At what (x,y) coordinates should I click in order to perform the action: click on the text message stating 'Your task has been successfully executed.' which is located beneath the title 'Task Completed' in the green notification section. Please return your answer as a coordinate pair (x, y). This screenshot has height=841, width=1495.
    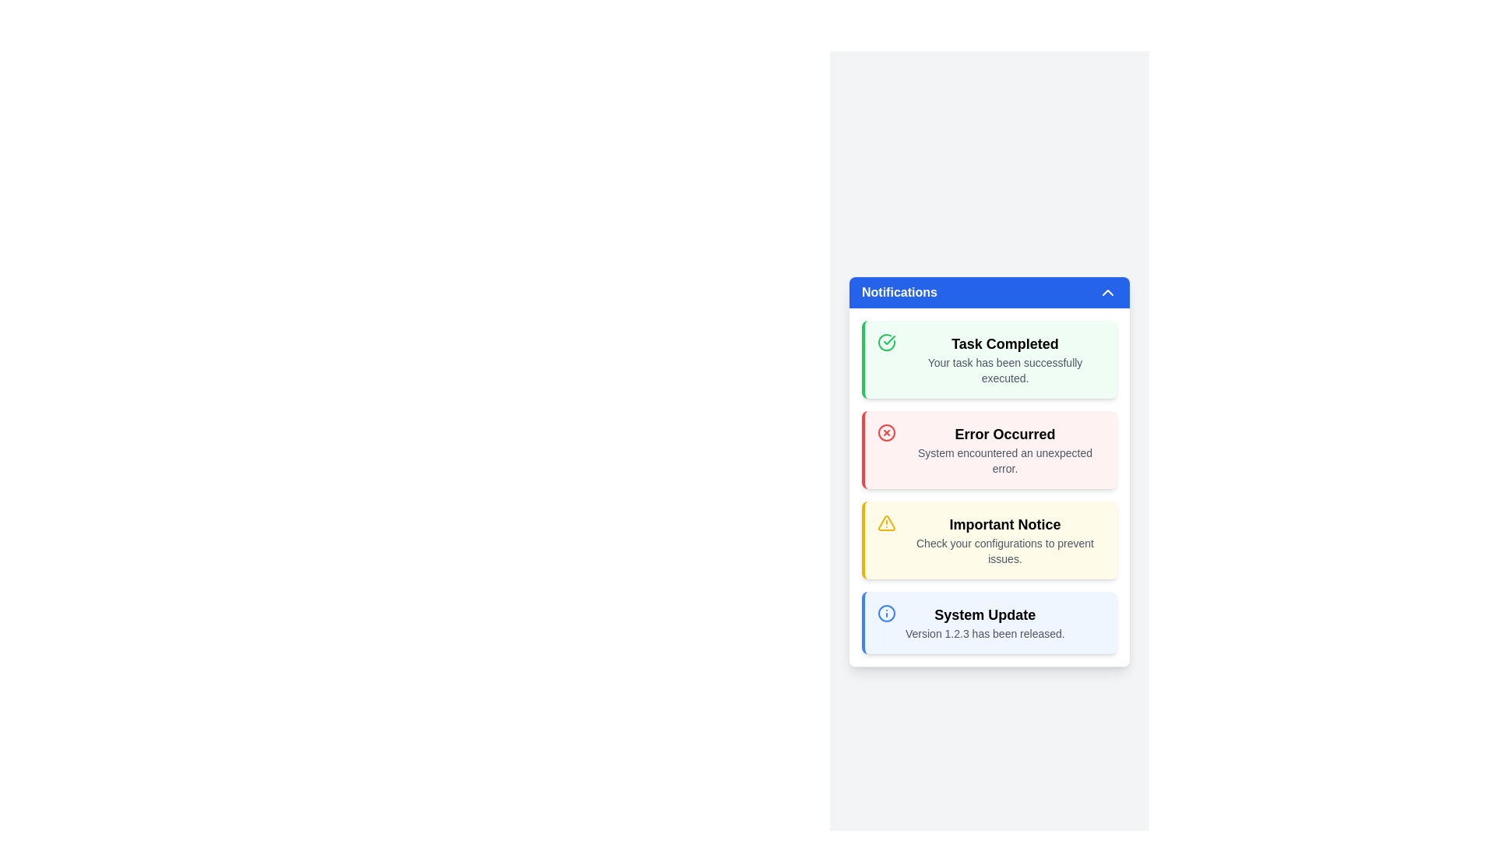
    Looking at the image, I should click on (1005, 370).